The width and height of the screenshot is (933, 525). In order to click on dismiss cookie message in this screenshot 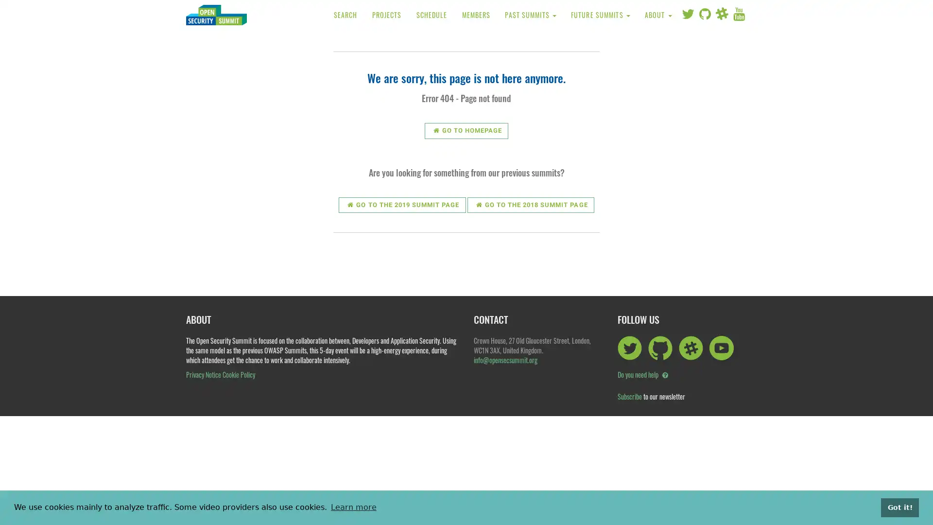, I will do `click(899, 507)`.